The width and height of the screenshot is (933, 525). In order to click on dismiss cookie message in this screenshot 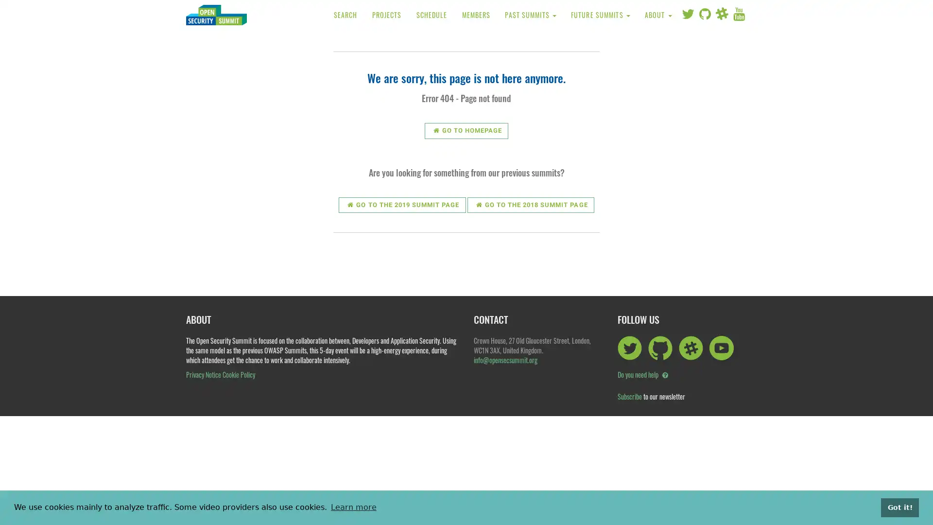, I will do `click(899, 507)`.